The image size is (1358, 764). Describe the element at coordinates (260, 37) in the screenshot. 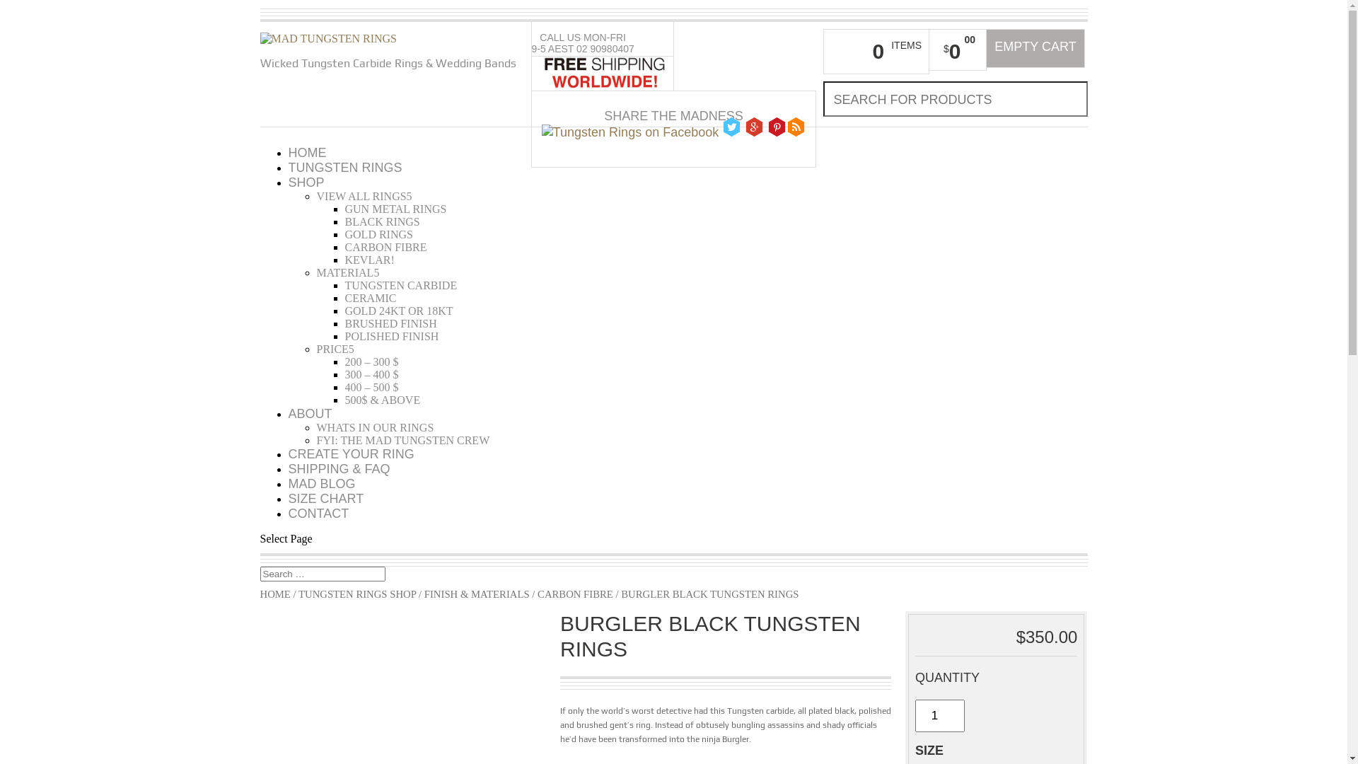

I see `'Mad tungsten rings'` at that location.